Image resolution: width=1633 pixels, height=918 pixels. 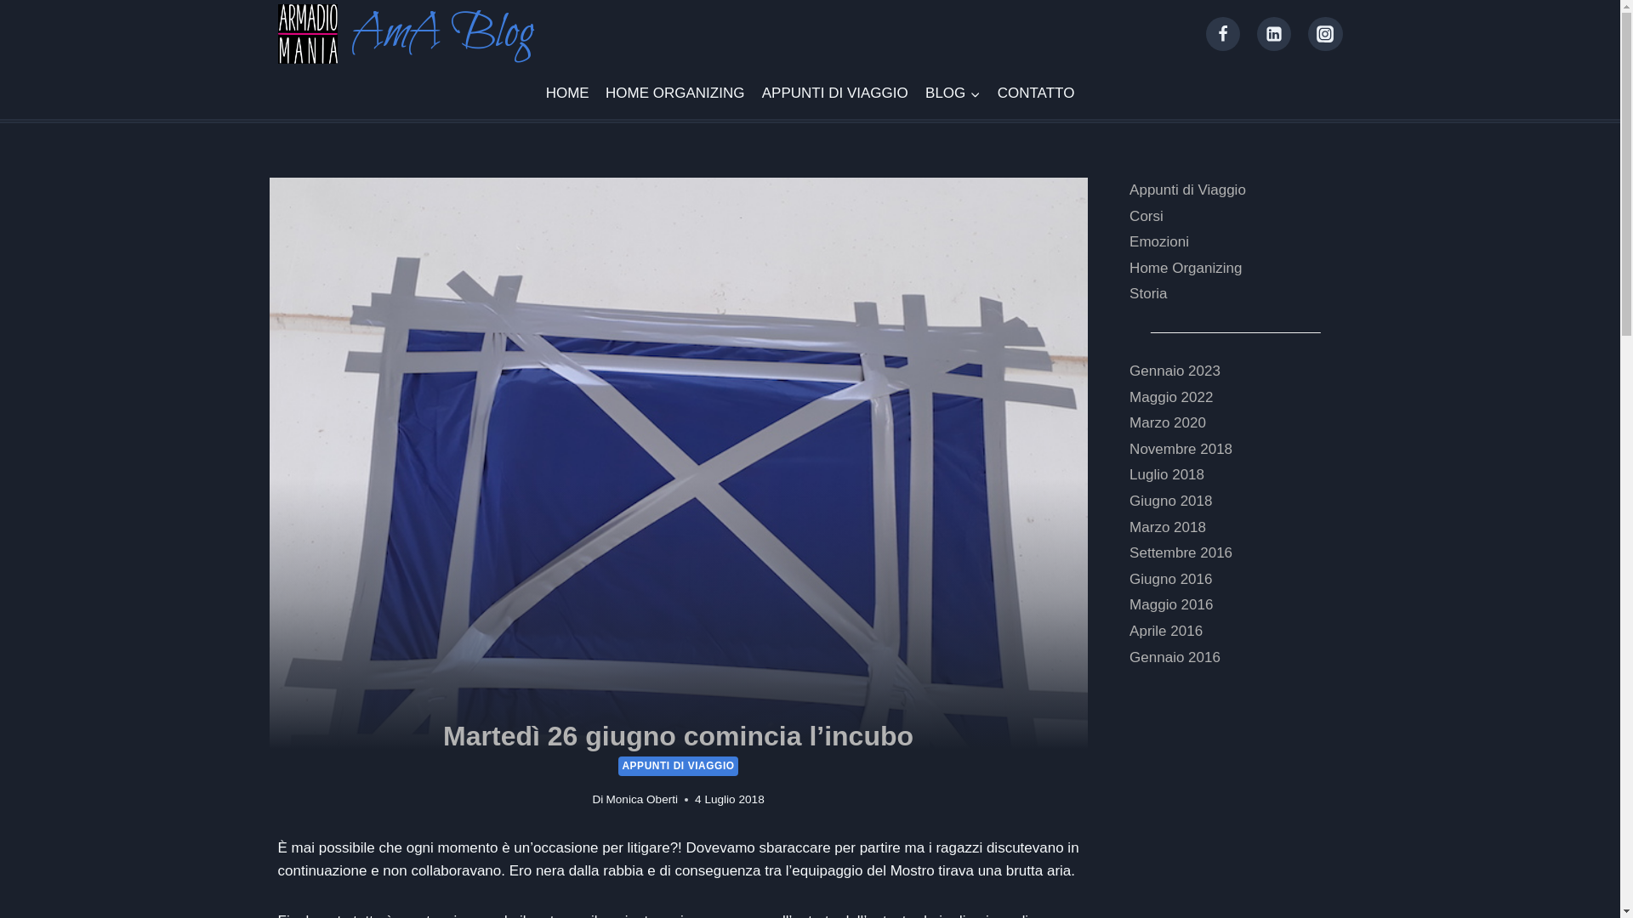 What do you see at coordinates (1035, 93) in the screenshot?
I see `'CONTATTO'` at bounding box center [1035, 93].